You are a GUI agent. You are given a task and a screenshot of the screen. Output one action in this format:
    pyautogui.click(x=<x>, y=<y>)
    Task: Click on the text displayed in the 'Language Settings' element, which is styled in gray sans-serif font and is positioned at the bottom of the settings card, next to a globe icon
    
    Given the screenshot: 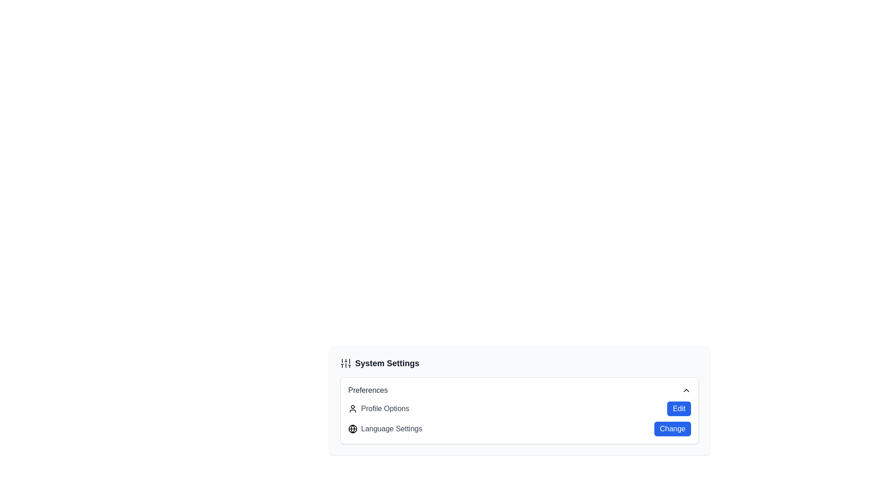 What is the action you would take?
    pyautogui.click(x=391, y=429)
    